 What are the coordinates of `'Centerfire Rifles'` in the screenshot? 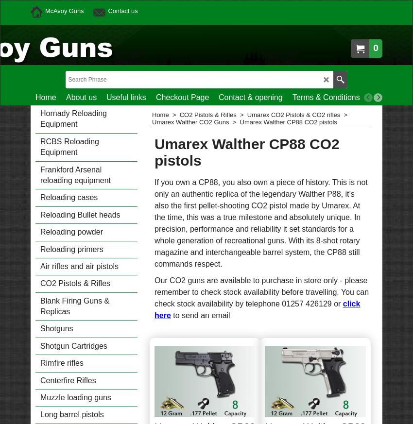 It's located at (40, 379).